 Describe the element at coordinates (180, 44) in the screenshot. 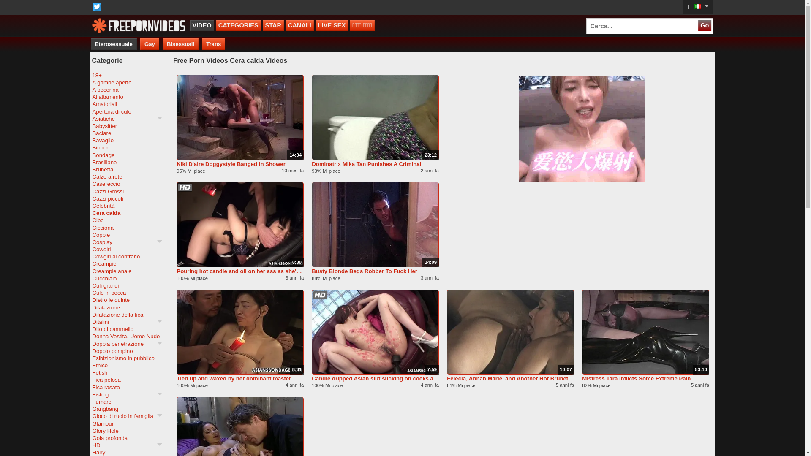

I see `'Bisessuali'` at that location.